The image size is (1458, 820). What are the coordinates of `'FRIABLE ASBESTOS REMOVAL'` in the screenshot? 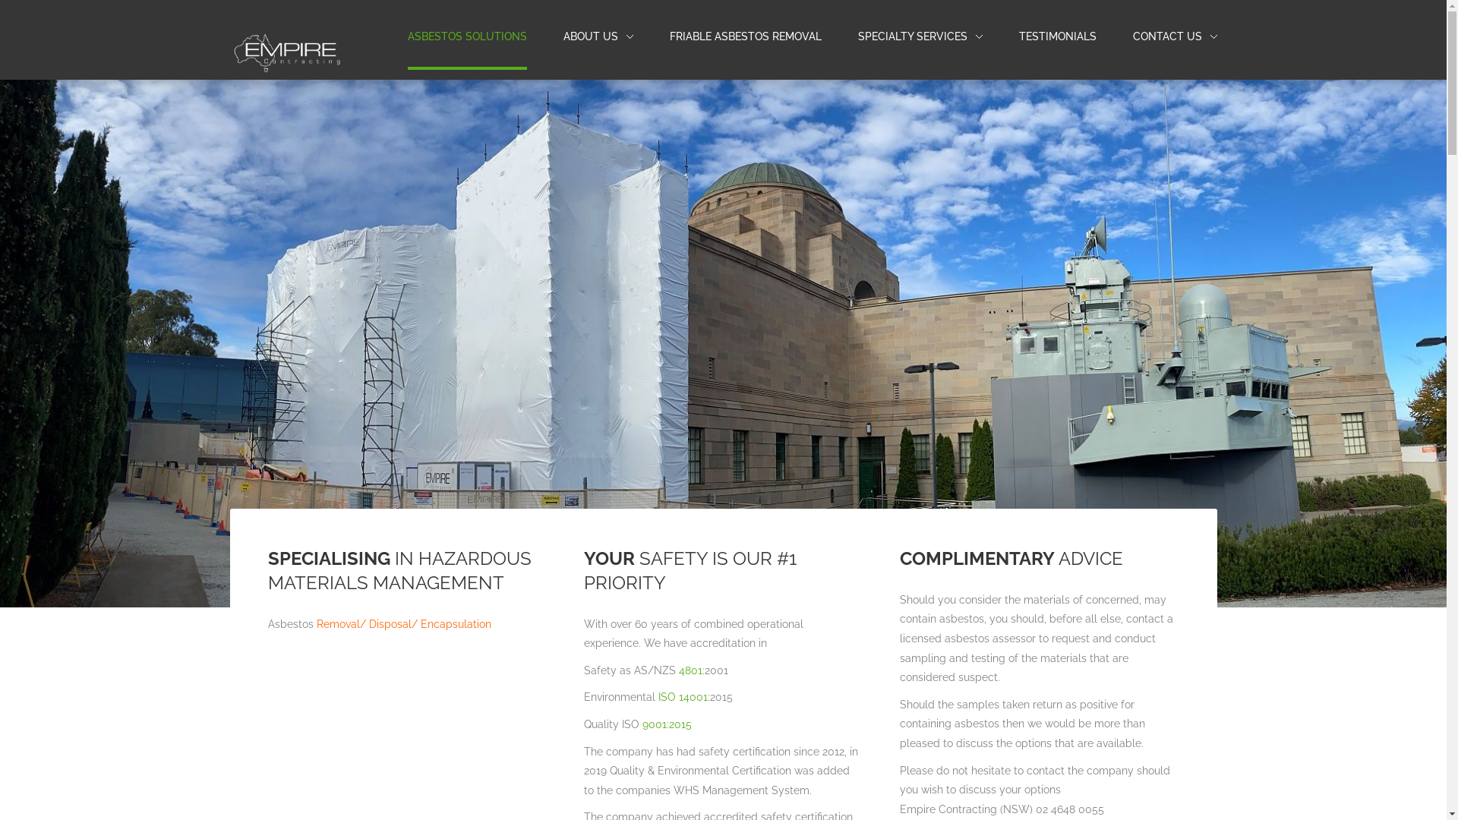 It's located at (746, 36).